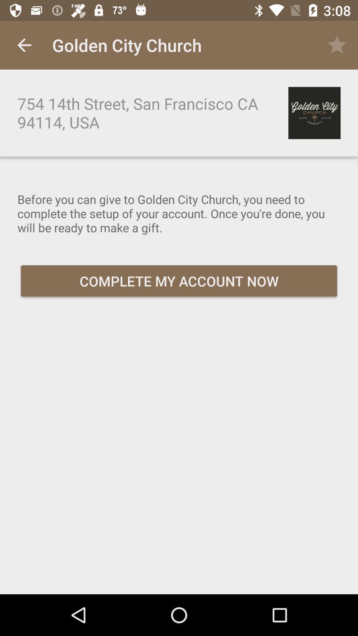  What do you see at coordinates (337, 45) in the screenshot?
I see `icon to the right of golden city church` at bounding box center [337, 45].